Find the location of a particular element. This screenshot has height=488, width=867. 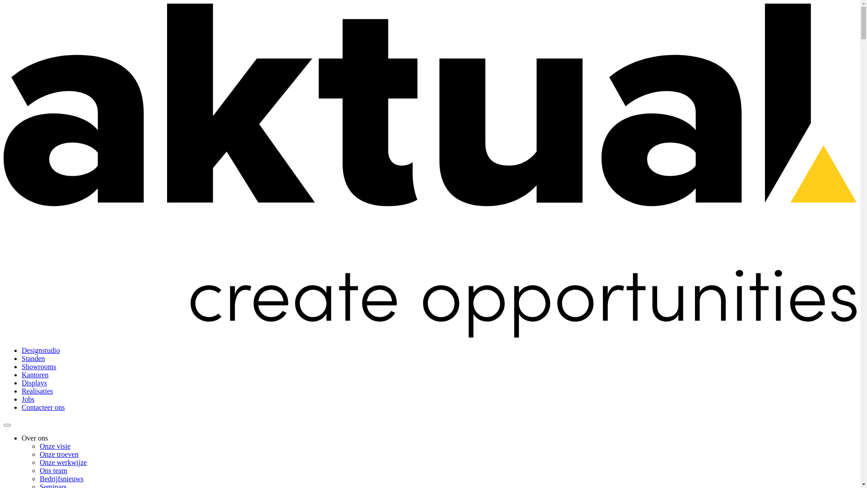

'Contacteer ons' is located at coordinates (43, 407).